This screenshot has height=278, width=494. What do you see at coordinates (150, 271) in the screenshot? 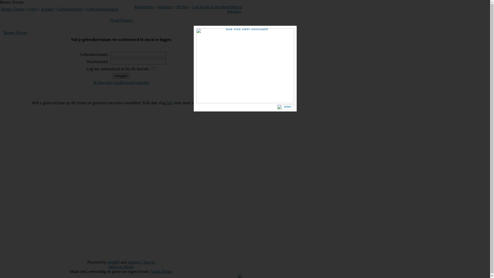
I see `'Gratis Forum'` at bounding box center [150, 271].